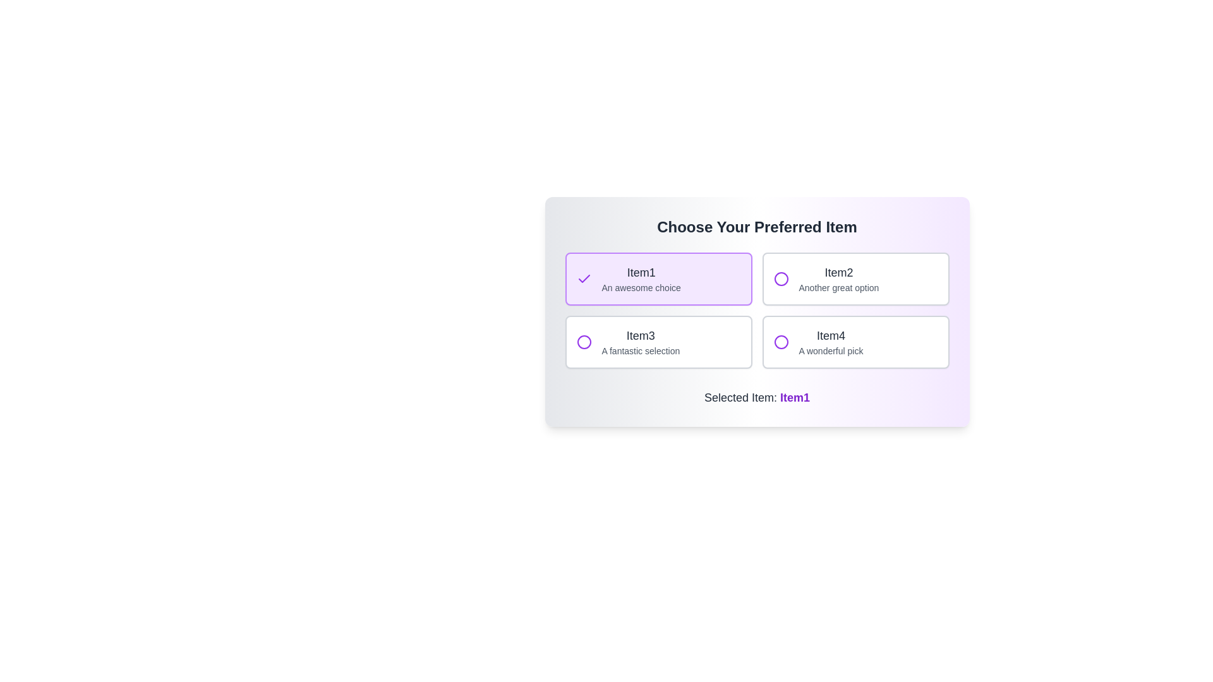 The image size is (1213, 682). Describe the element at coordinates (641, 287) in the screenshot. I see `the Text Label that provides additional information for the 'Item1' selectable option, located directly below the 'Item1' label in the top-left quadrant of the interface` at that location.